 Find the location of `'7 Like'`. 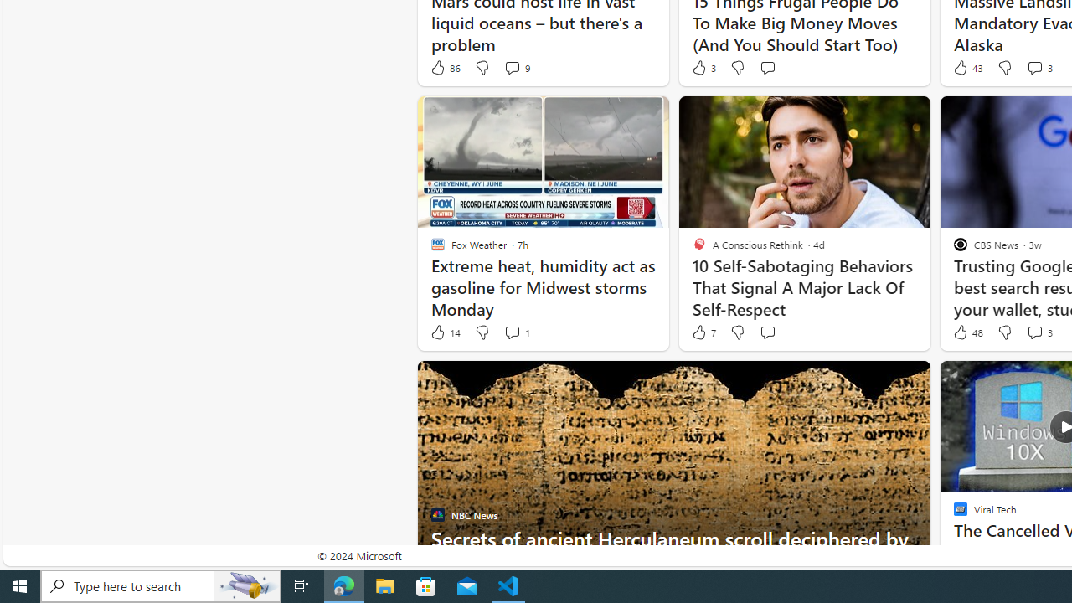

'7 Like' is located at coordinates (703, 332).